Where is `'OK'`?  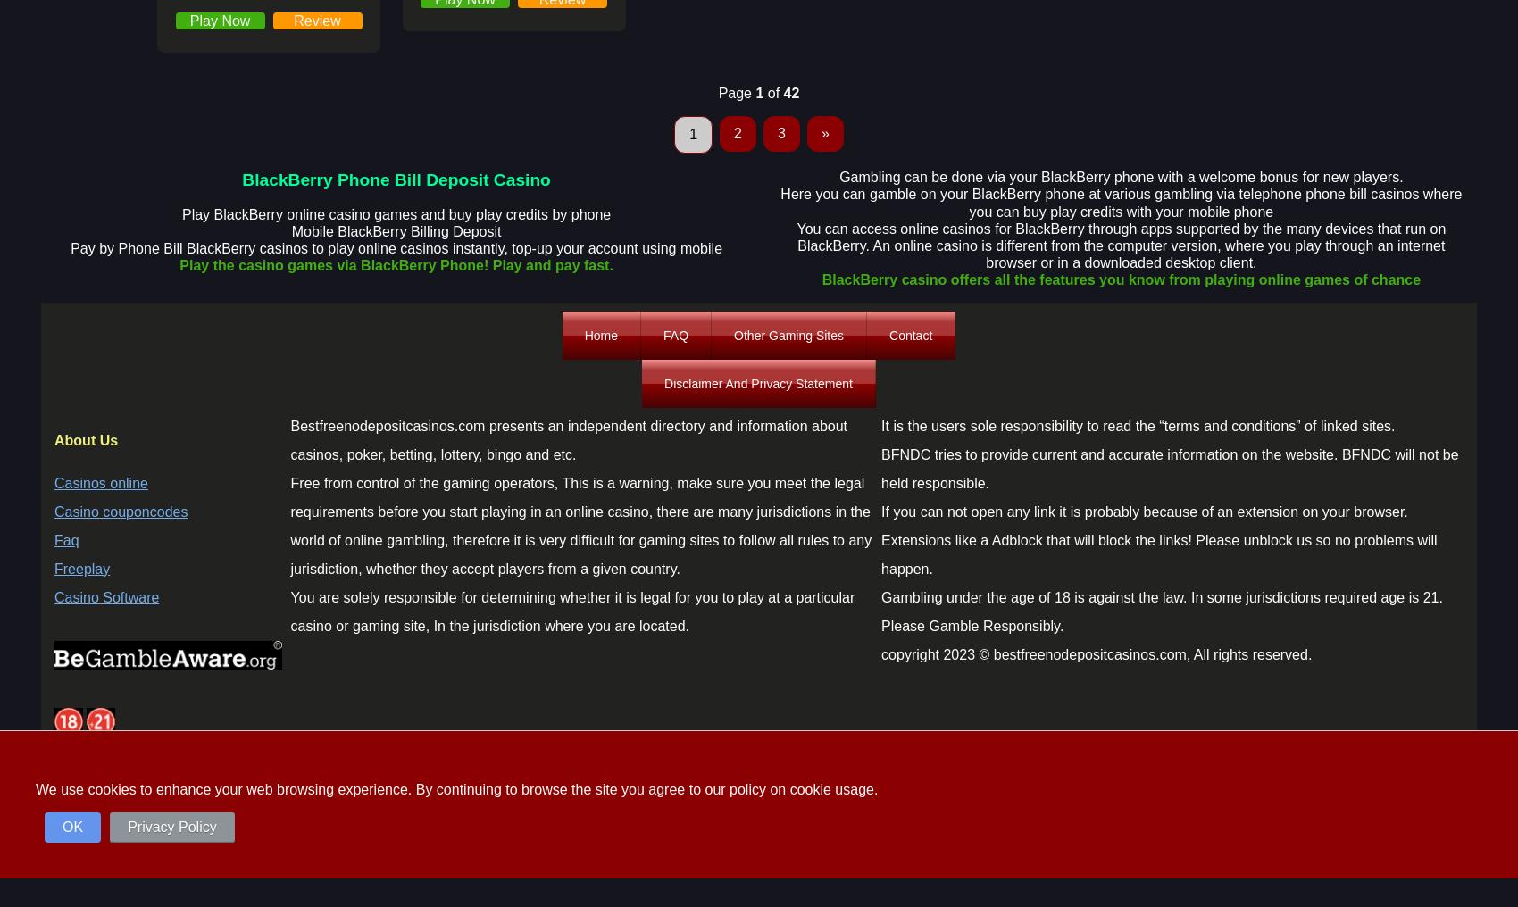 'OK' is located at coordinates (72, 826).